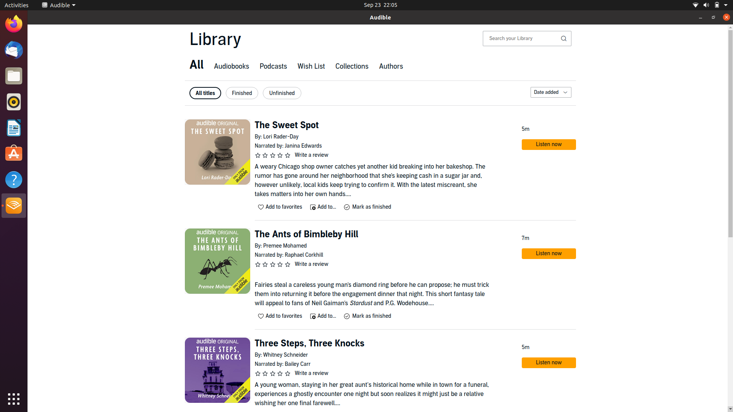  Describe the element at coordinates (351, 67) in the screenshot. I see `"Collections" section` at that location.